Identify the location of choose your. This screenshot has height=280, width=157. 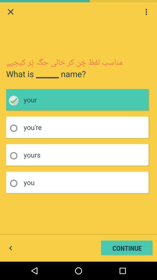
(15, 101).